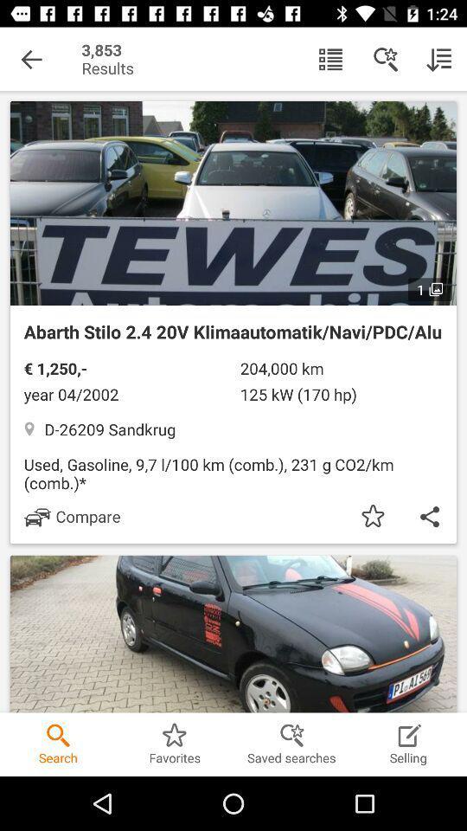 The height and width of the screenshot is (831, 467). Describe the element at coordinates (31, 59) in the screenshot. I see `item next to 3,853 item` at that location.